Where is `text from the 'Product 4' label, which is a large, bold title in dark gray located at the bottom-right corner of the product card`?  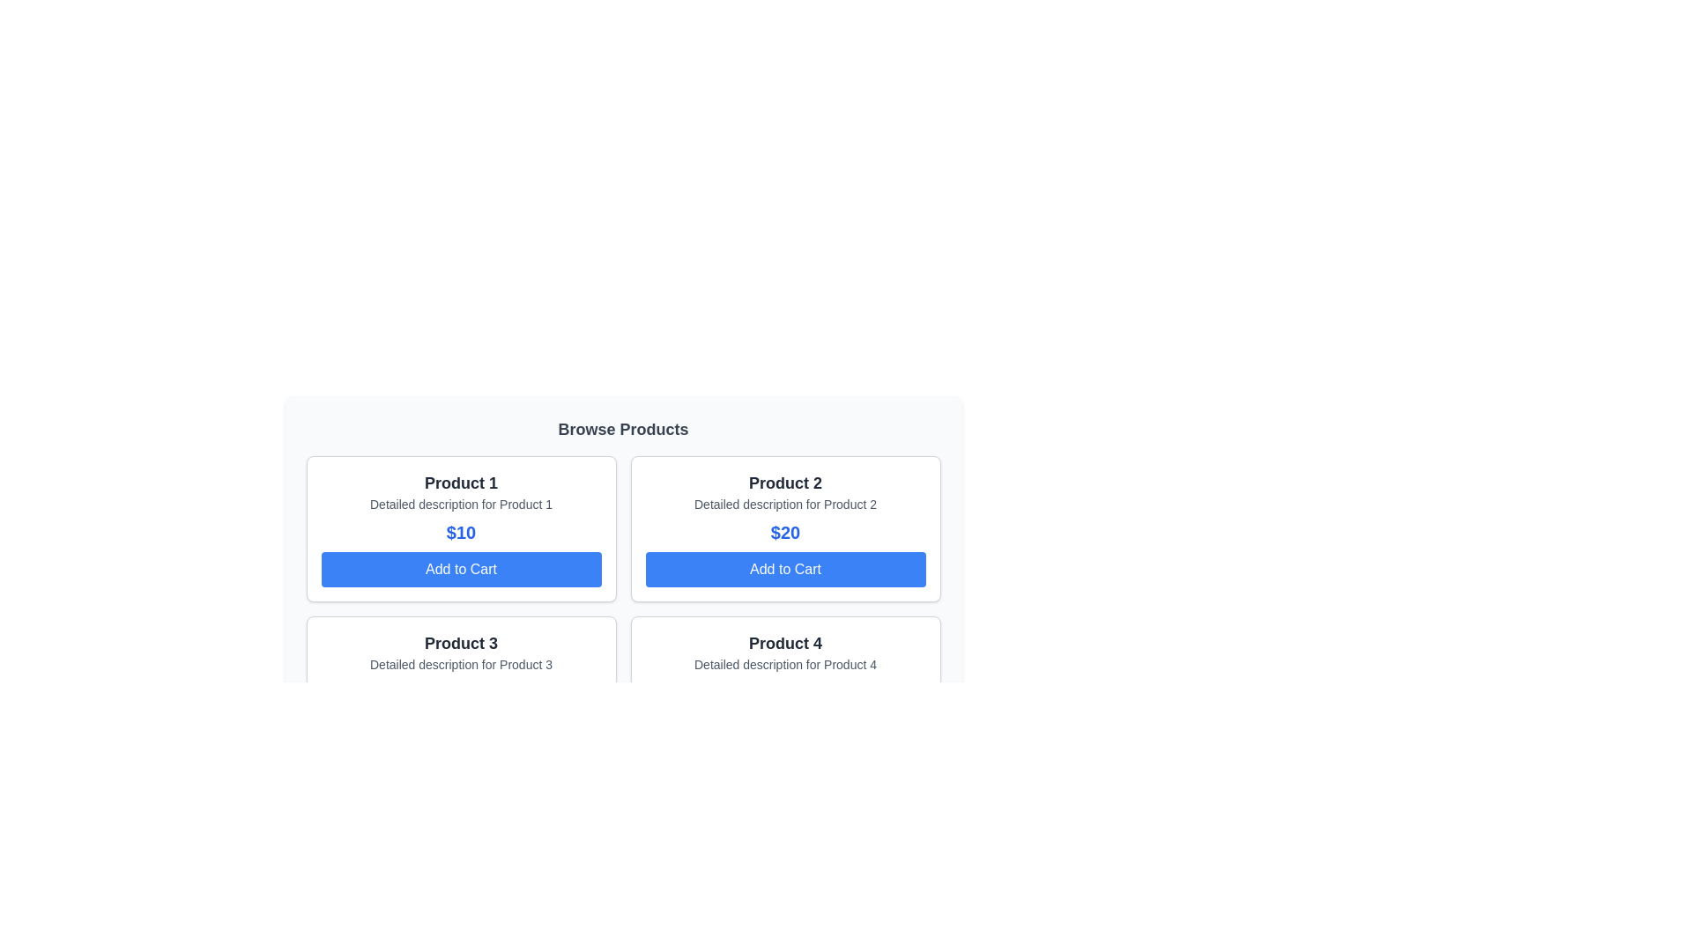
text from the 'Product 4' label, which is a large, bold title in dark gray located at the bottom-right corner of the product card is located at coordinates (784, 644).